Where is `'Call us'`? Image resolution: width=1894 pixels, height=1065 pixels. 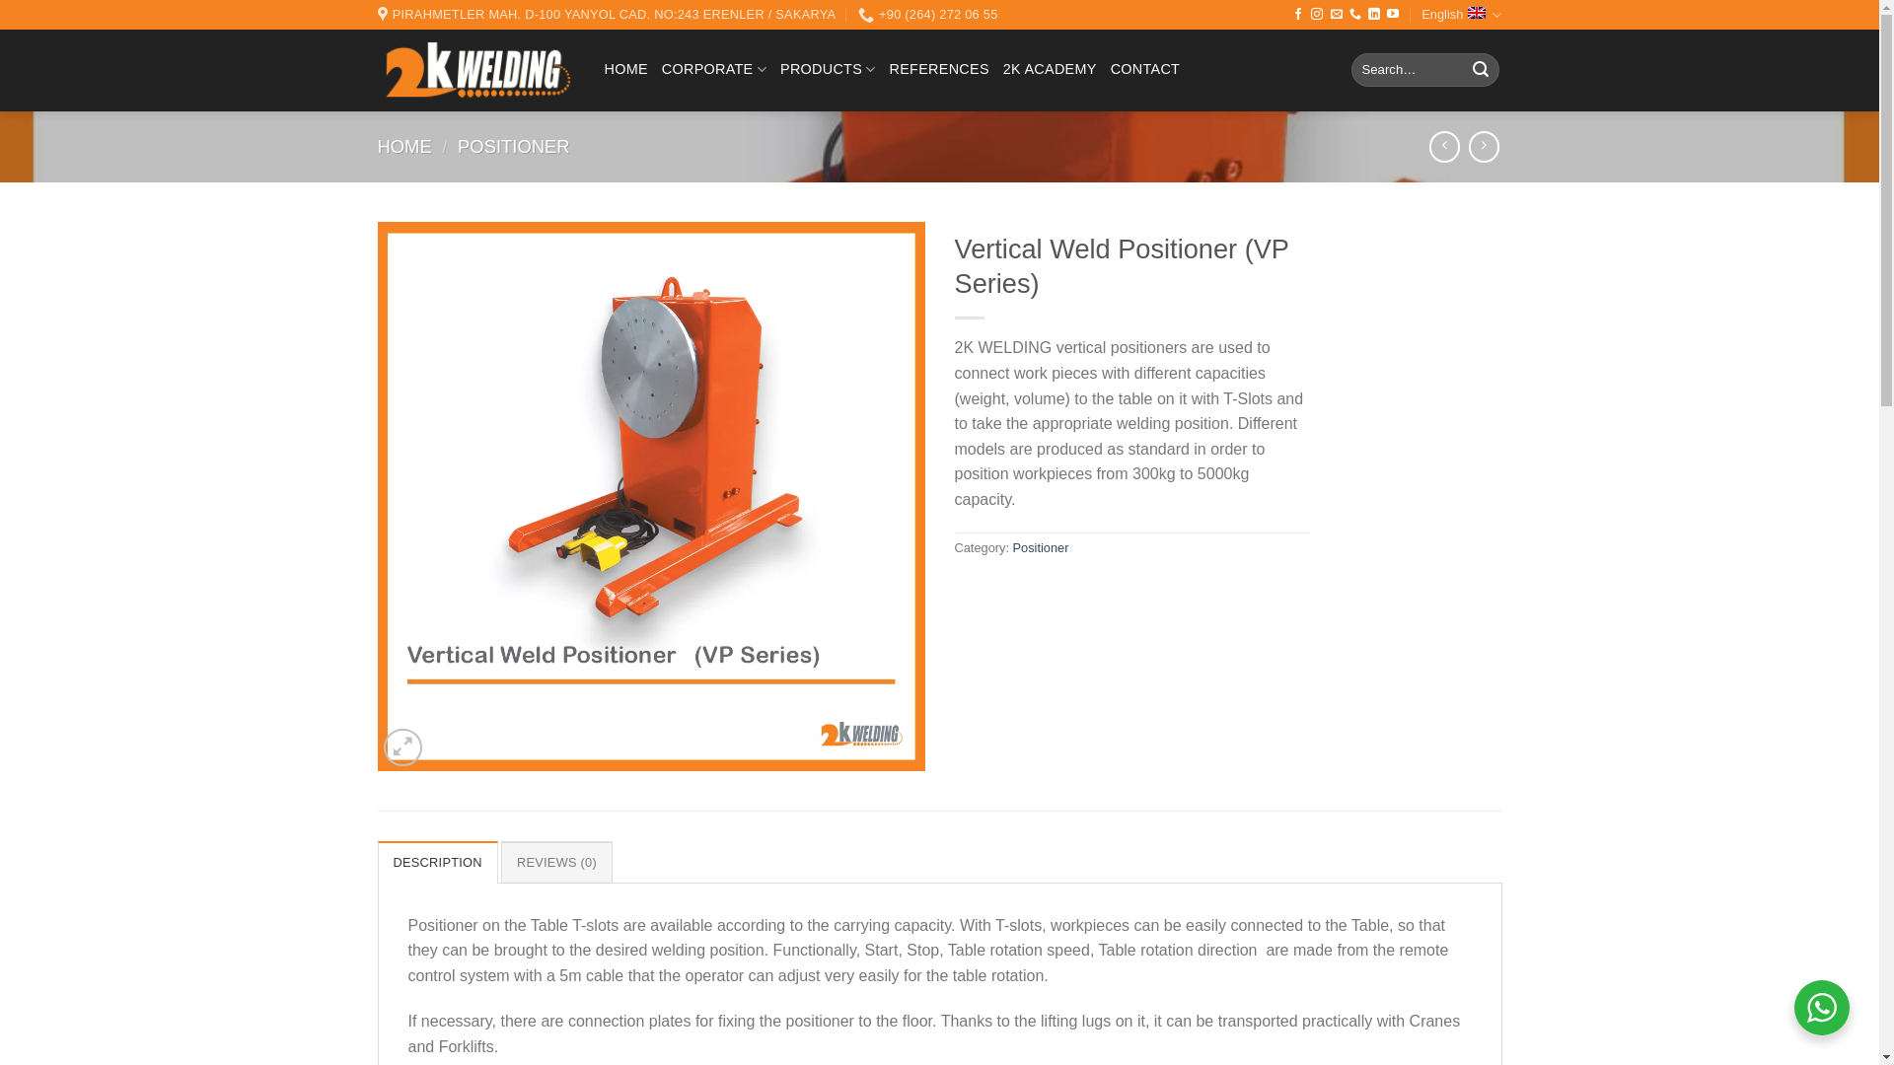
'Call us' is located at coordinates (1353, 15).